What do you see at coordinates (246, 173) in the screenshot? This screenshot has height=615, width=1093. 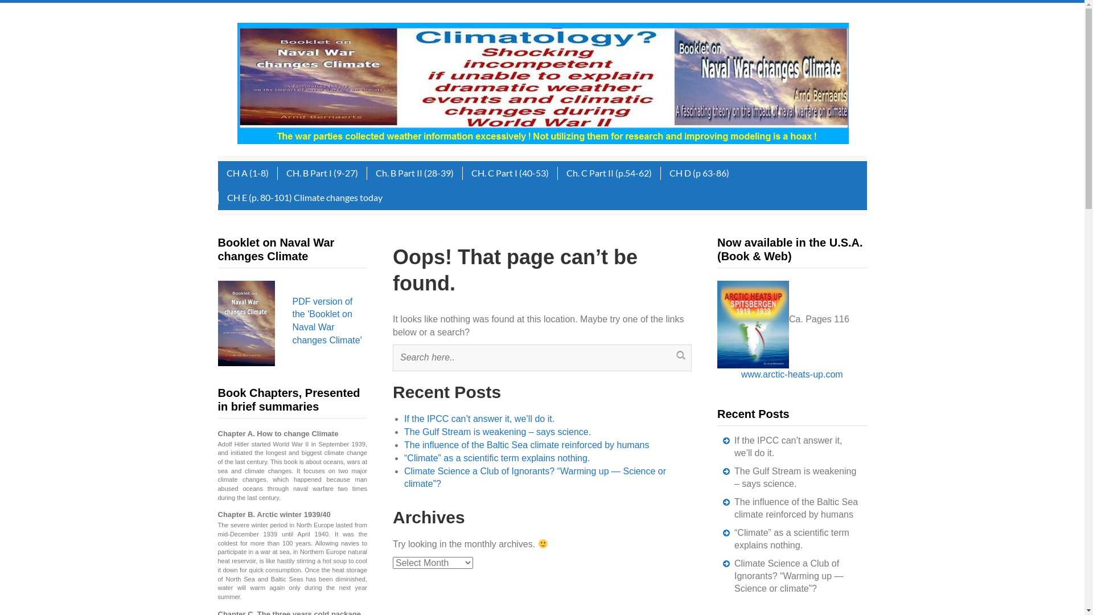 I see `'CH A (1-8)'` at bounding box center [246, 173].